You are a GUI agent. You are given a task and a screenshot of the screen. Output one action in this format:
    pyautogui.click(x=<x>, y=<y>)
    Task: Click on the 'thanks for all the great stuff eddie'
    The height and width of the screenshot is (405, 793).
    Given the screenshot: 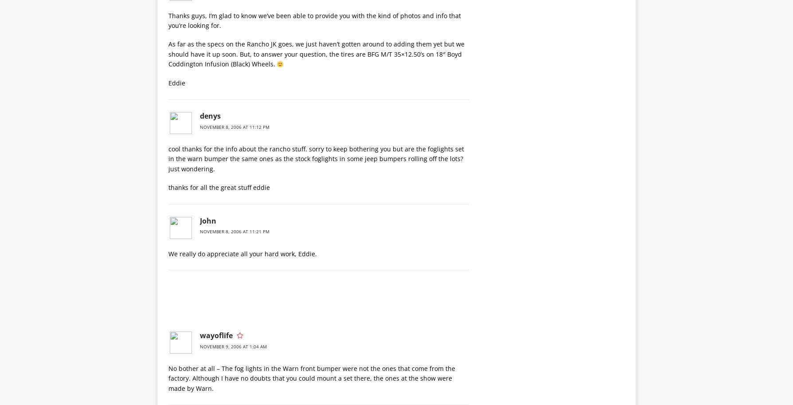 What is the action you would take?
    pyautogui.click(x=218, y=187)
    